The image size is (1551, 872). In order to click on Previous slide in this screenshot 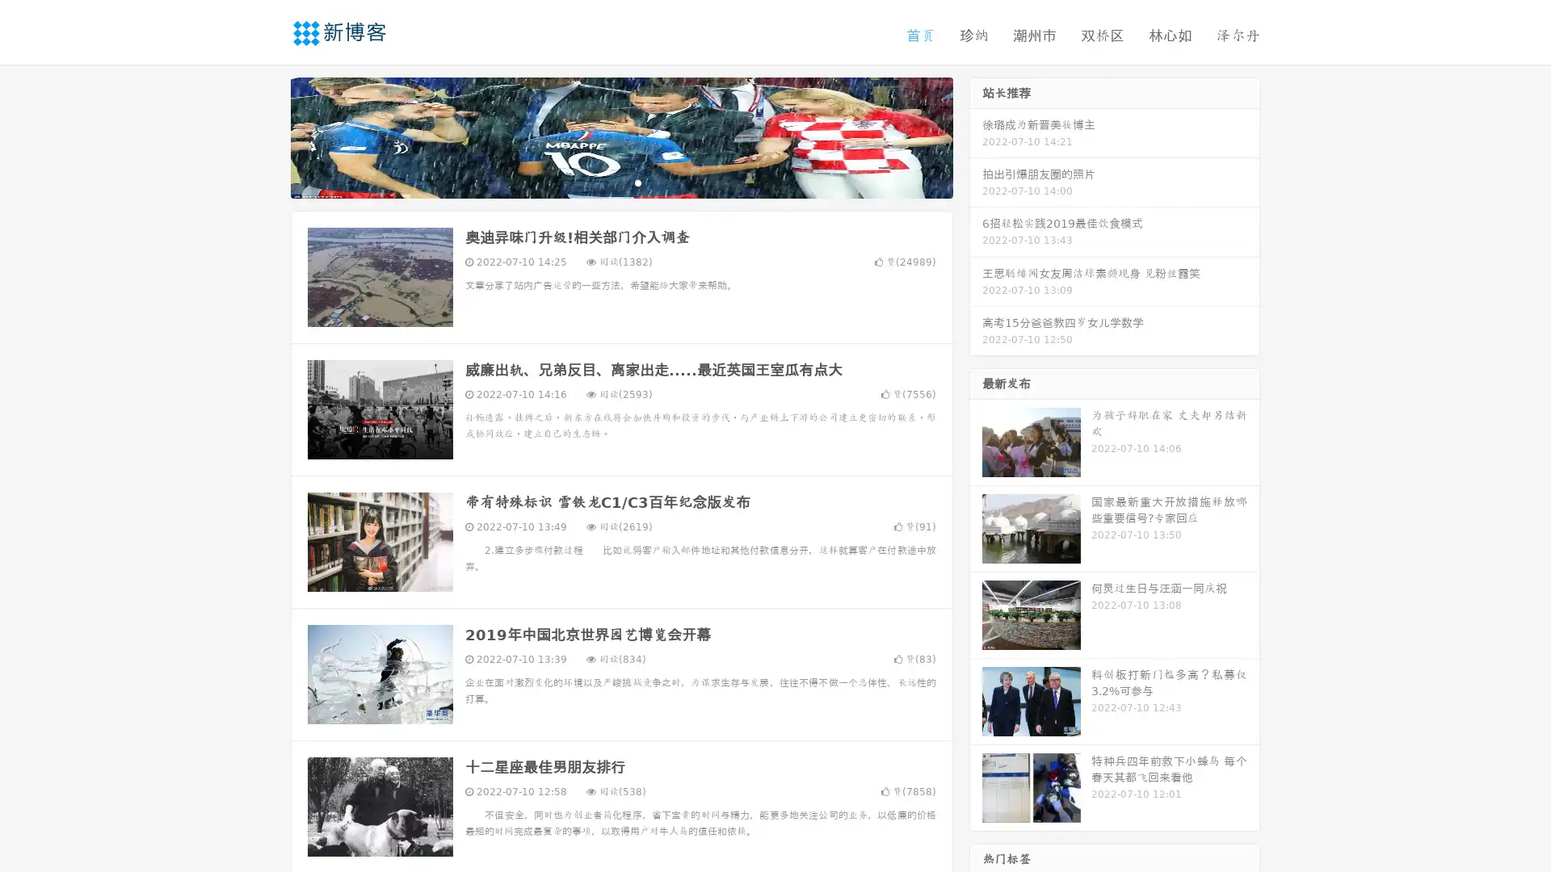, I will do `click(267, 136)`.